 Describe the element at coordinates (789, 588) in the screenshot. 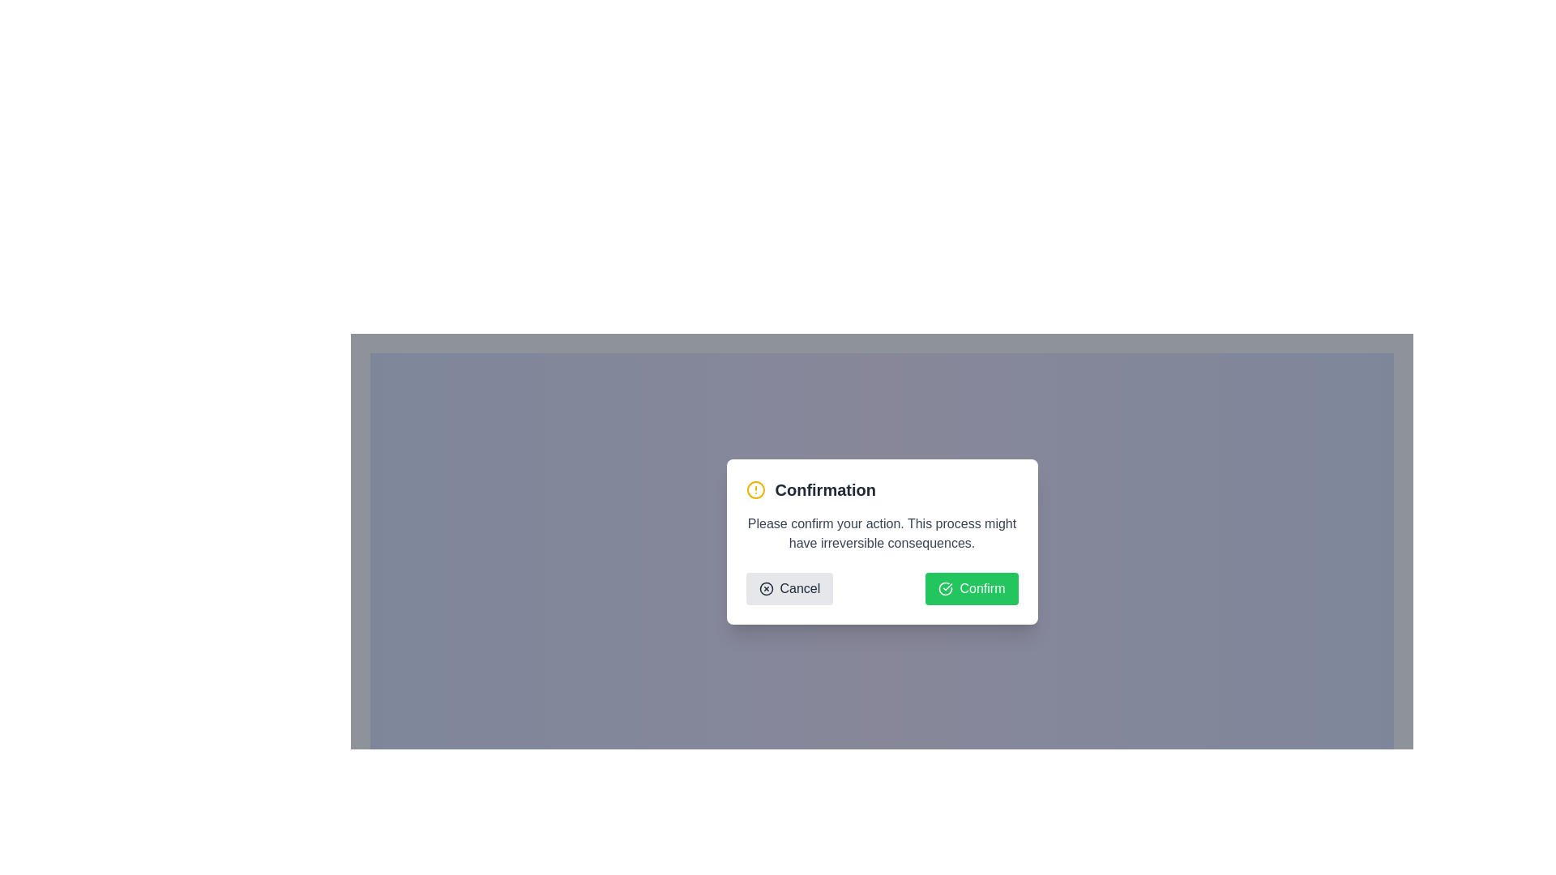

I see `the cancelation action button located at the bottom center of the confirmation dialog box` at that location.